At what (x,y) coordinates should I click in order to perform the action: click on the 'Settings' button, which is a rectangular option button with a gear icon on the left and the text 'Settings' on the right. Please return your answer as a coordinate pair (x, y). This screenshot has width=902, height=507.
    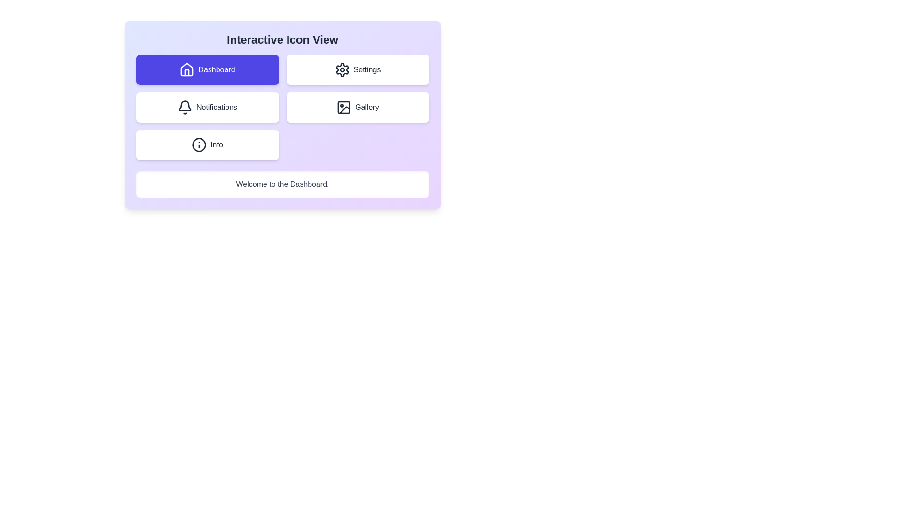
    Looking at the image, I should click on (357, 69).